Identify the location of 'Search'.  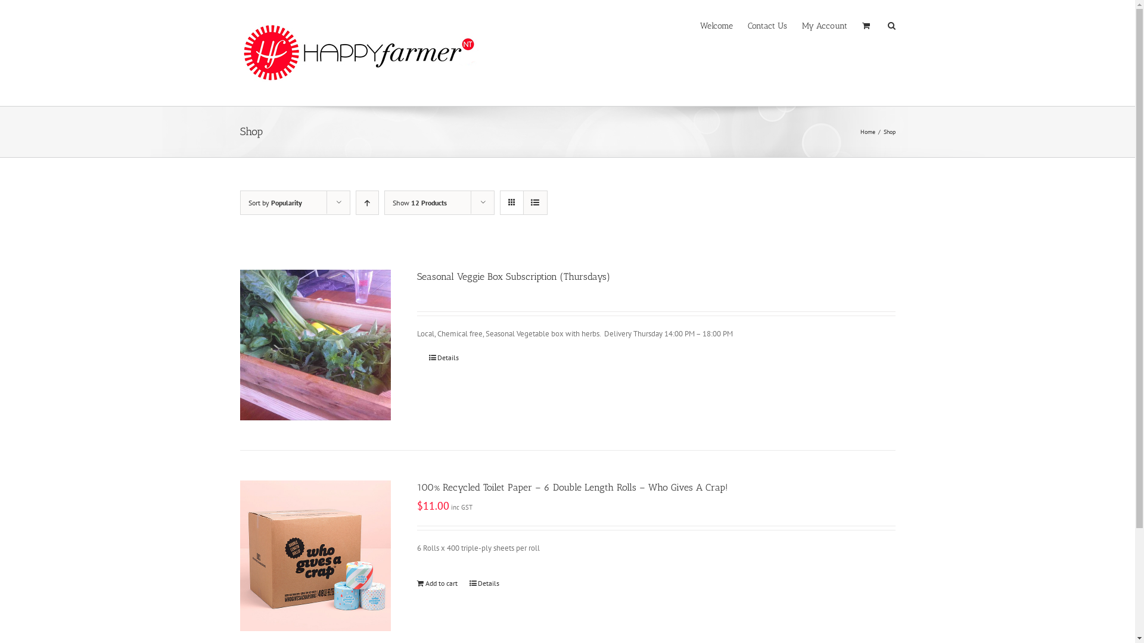
(891, 25).